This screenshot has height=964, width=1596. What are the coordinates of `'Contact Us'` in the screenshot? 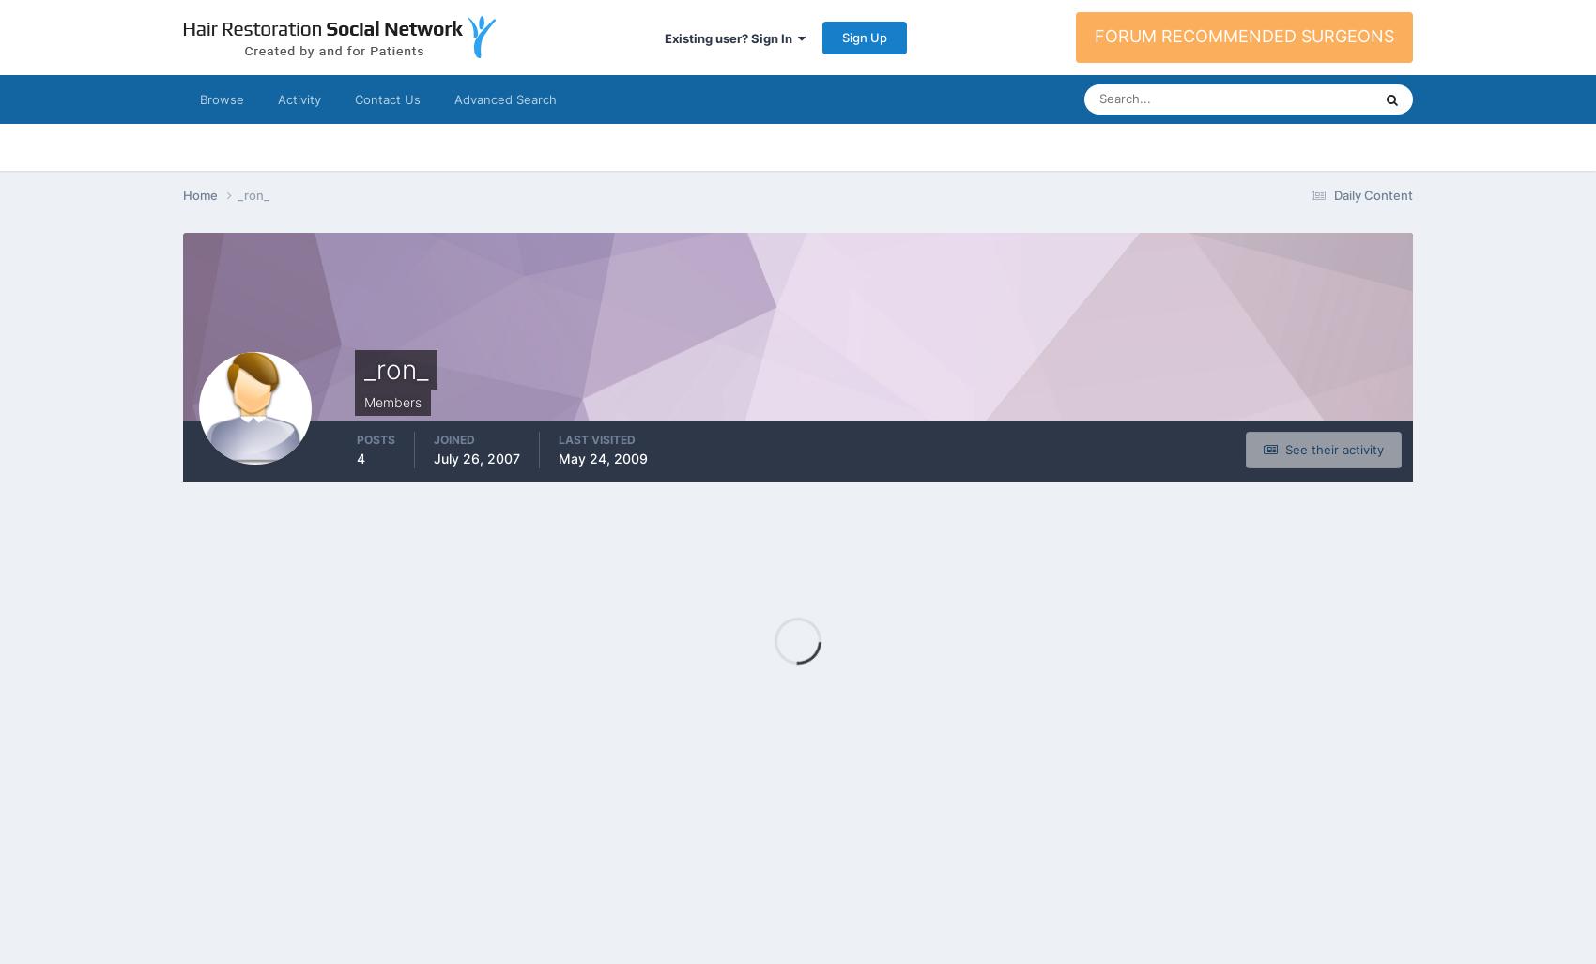 It's located at (354, 98).